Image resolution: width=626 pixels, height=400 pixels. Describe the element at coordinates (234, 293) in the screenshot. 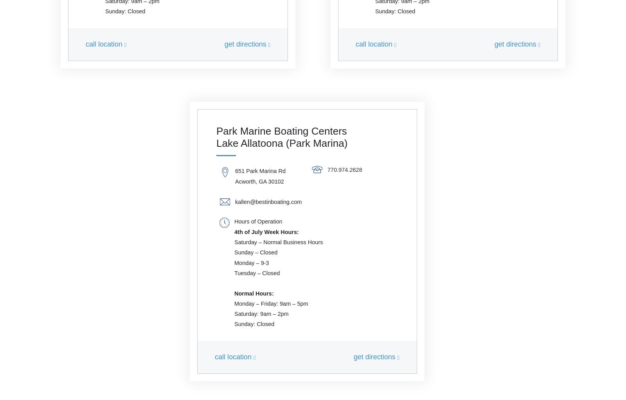

I see `'Normal Hours:'` at that location.